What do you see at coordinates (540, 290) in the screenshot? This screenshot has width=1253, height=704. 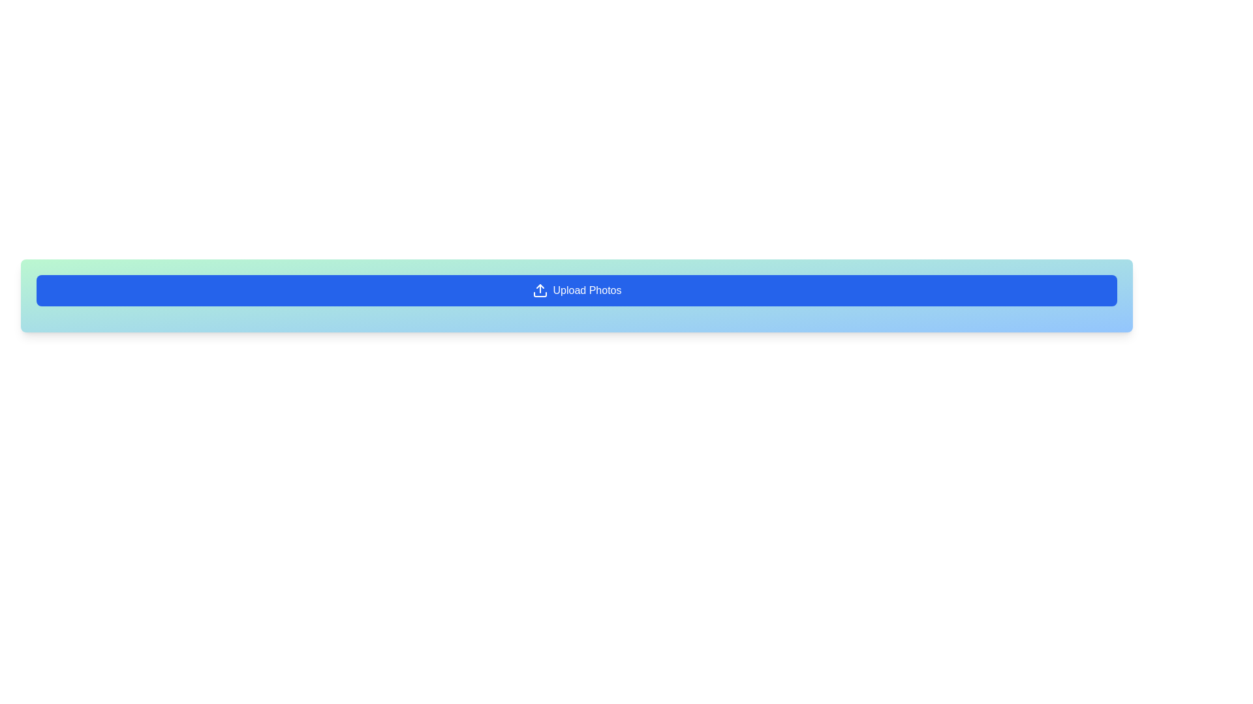 I see `the upload icon located to the left of the 'Upload Photos' button, which enhances the button's recognizability and functionality` at bounding box center [540, 290].